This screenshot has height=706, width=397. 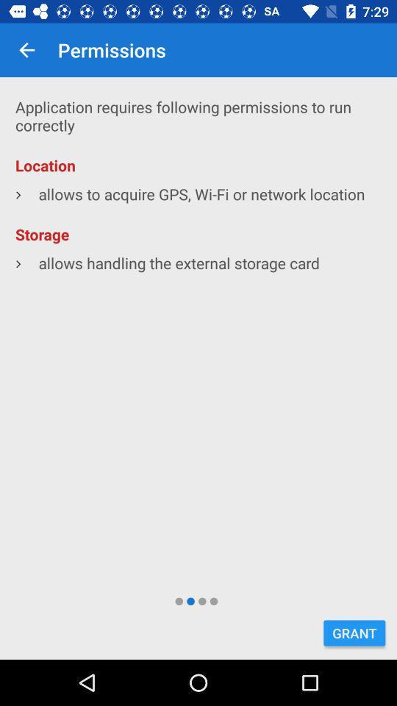 I want to click on grant, so click(x=354, y=632).